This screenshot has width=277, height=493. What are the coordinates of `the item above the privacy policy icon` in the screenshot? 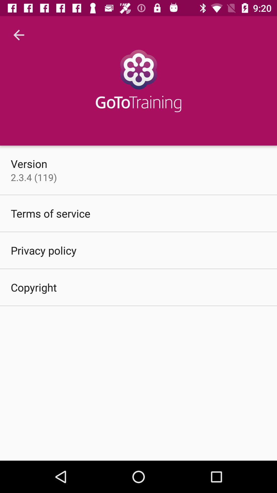 It's located at (51, 213).